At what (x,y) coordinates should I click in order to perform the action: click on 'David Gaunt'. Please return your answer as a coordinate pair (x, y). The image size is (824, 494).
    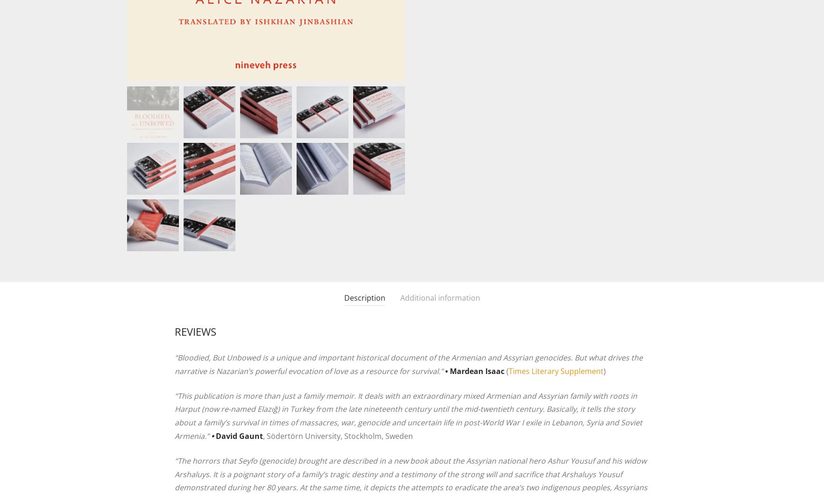
    Looking at the image, I should click on (239, 436).